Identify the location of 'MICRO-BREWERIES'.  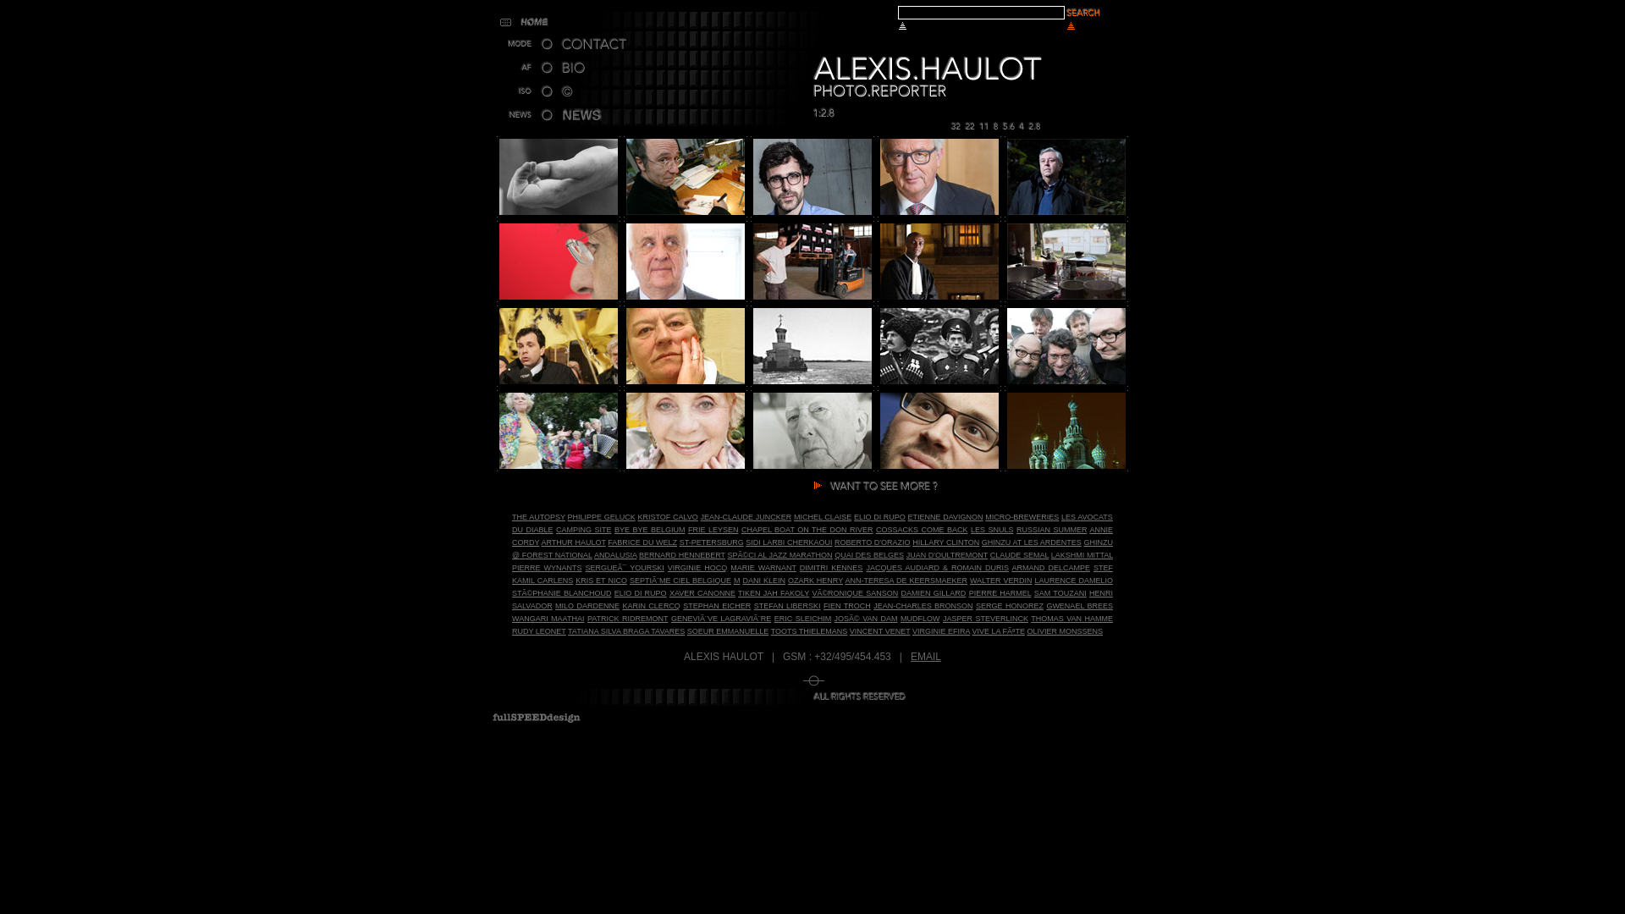
(1021, 515).